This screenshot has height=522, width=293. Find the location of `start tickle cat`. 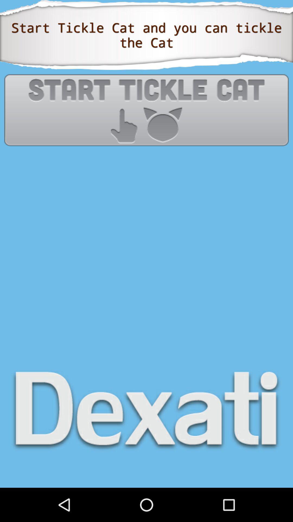

start tickle cat is located at coordinates (146, 110).